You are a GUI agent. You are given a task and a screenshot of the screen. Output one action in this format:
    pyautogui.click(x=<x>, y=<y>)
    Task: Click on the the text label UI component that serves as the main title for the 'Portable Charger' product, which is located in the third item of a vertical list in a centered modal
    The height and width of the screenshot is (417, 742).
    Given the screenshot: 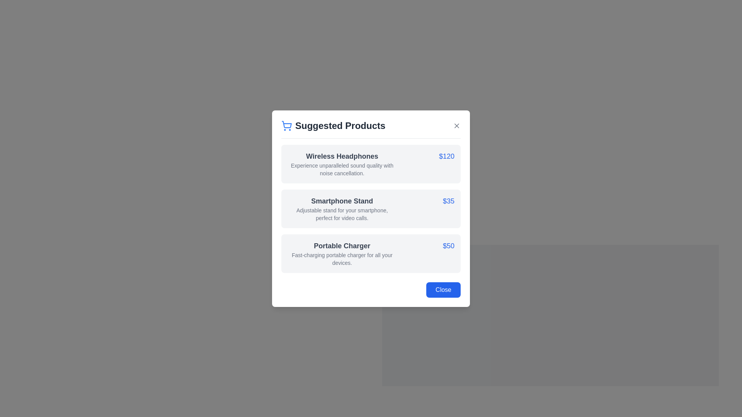 What is the action you would take?
    pyautogui.click(x=342, y=246)
    